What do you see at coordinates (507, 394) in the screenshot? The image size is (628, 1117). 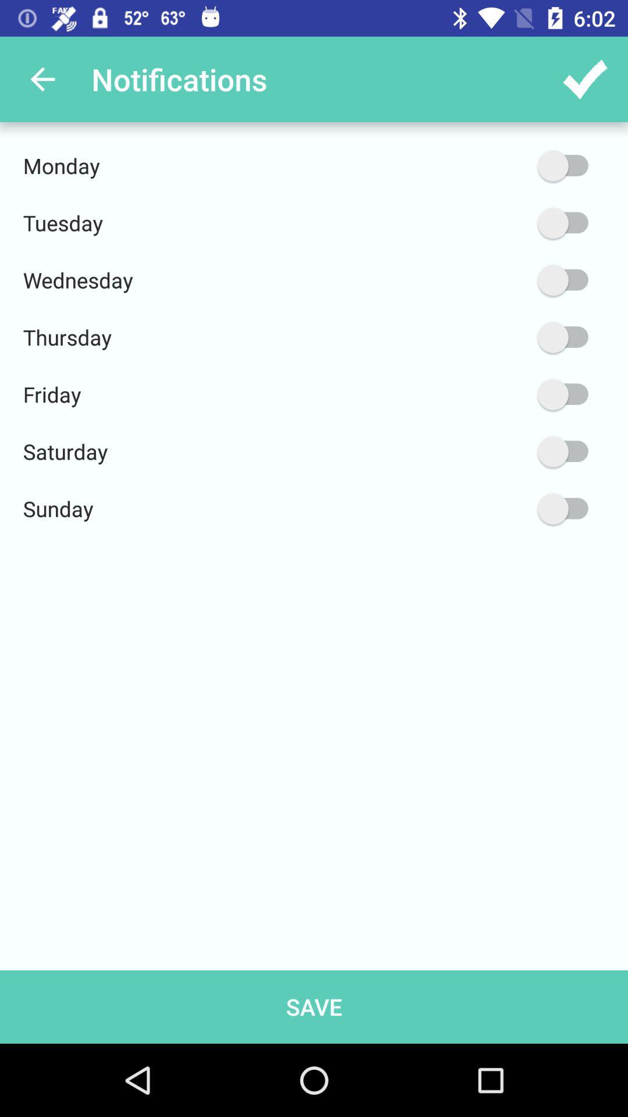 I see `on or off button\` at bounding box center [507, 394].